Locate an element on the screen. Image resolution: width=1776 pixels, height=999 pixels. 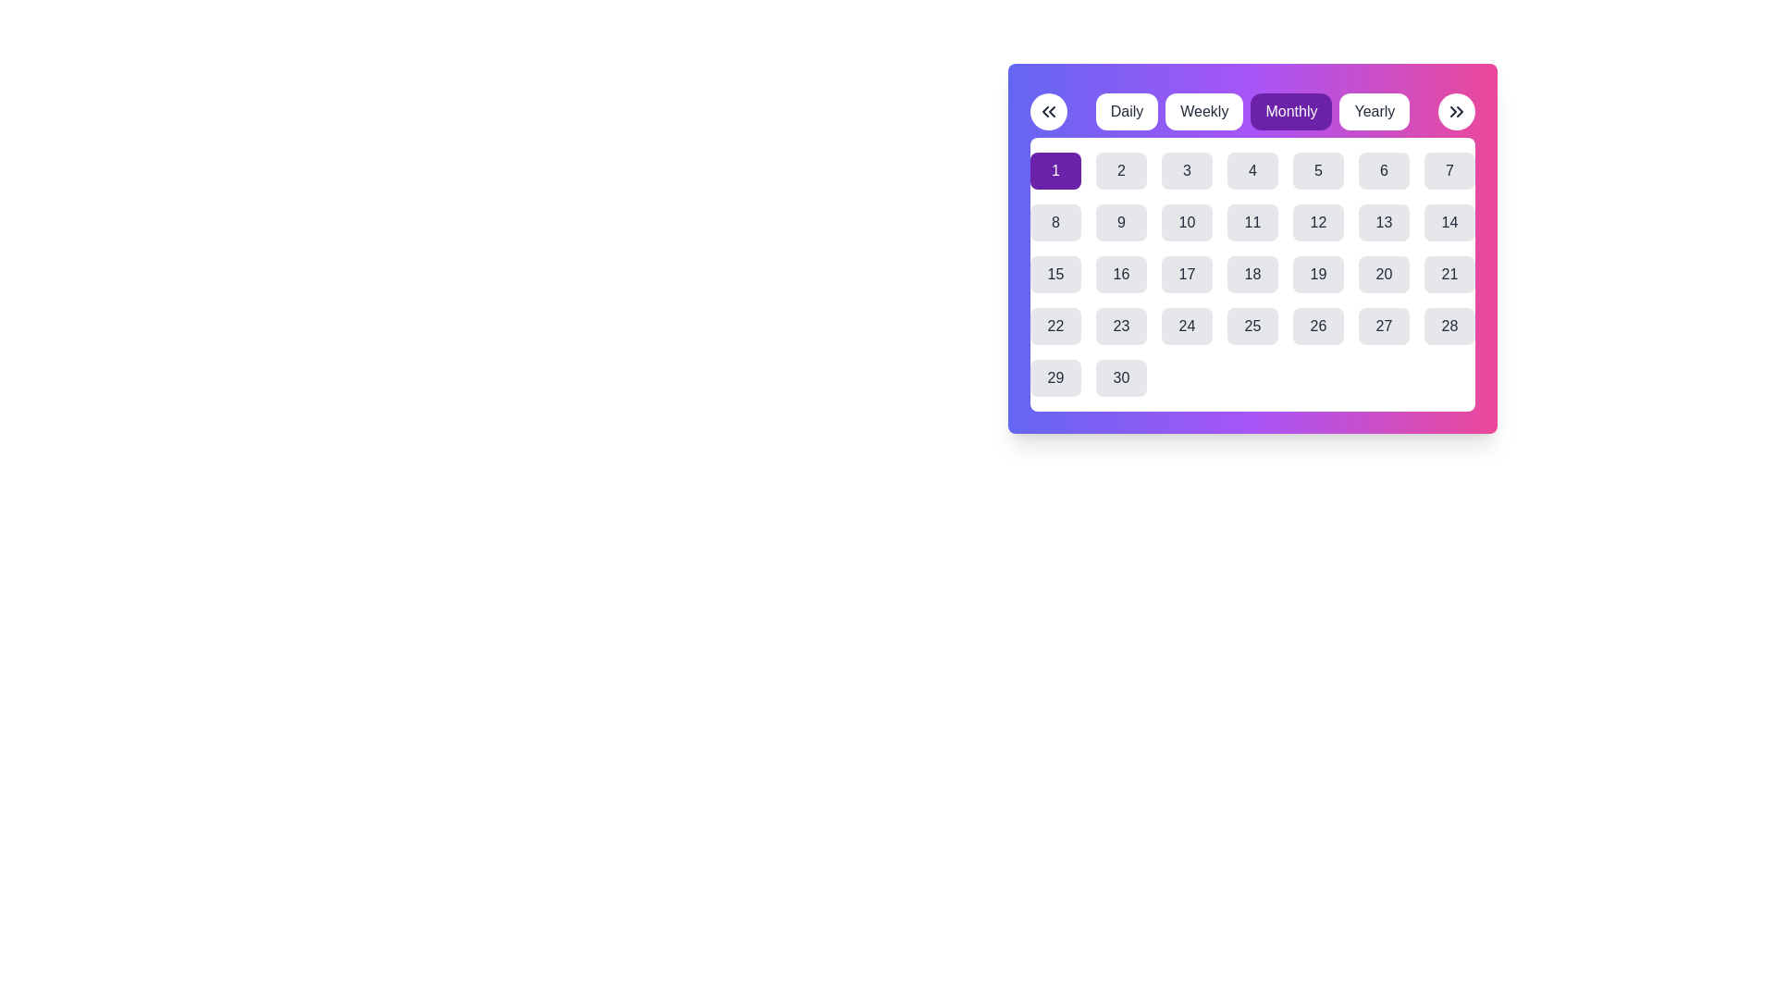
the button labeled '7' in the top-right corner of the calendar widget is located at coordinates (1449, 171).